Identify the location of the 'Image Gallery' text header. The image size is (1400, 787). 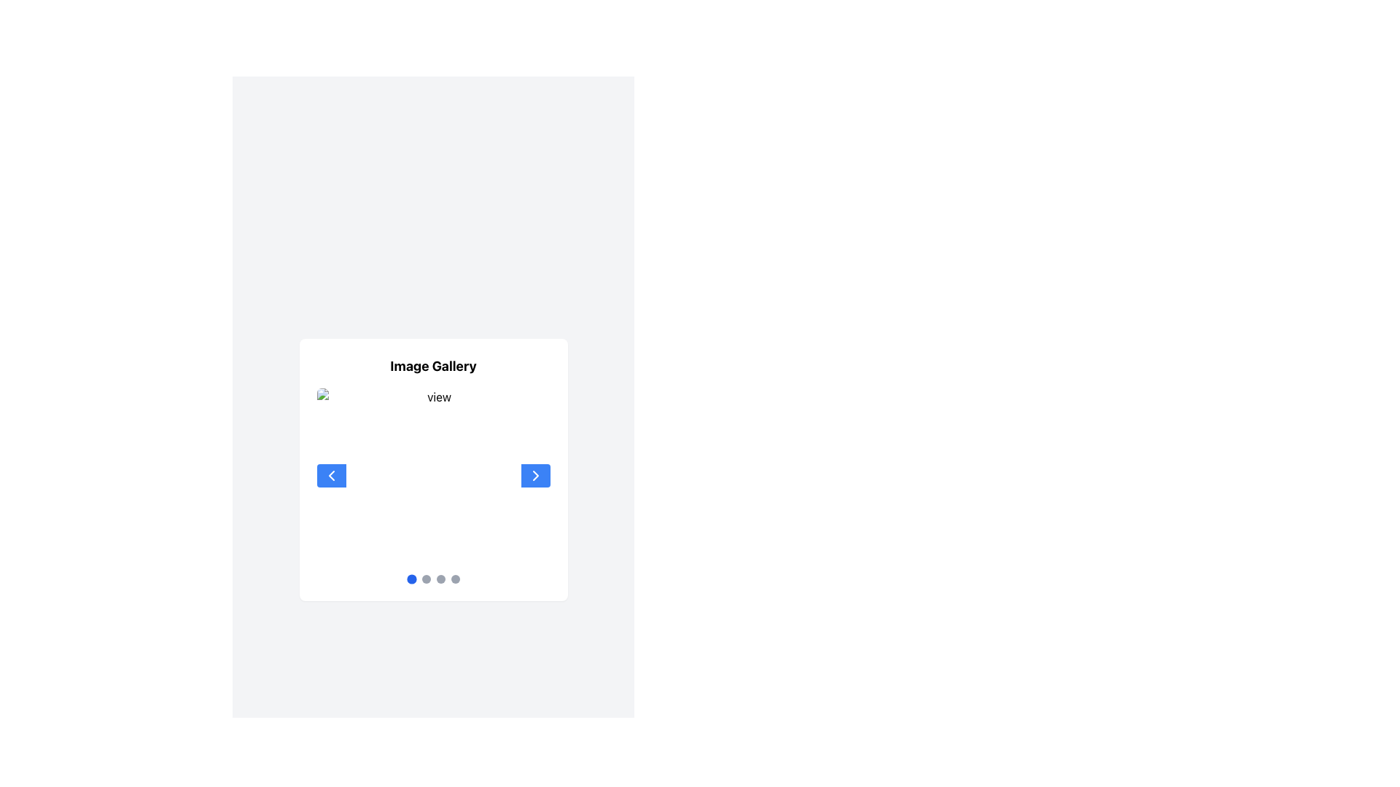
(432, 365).